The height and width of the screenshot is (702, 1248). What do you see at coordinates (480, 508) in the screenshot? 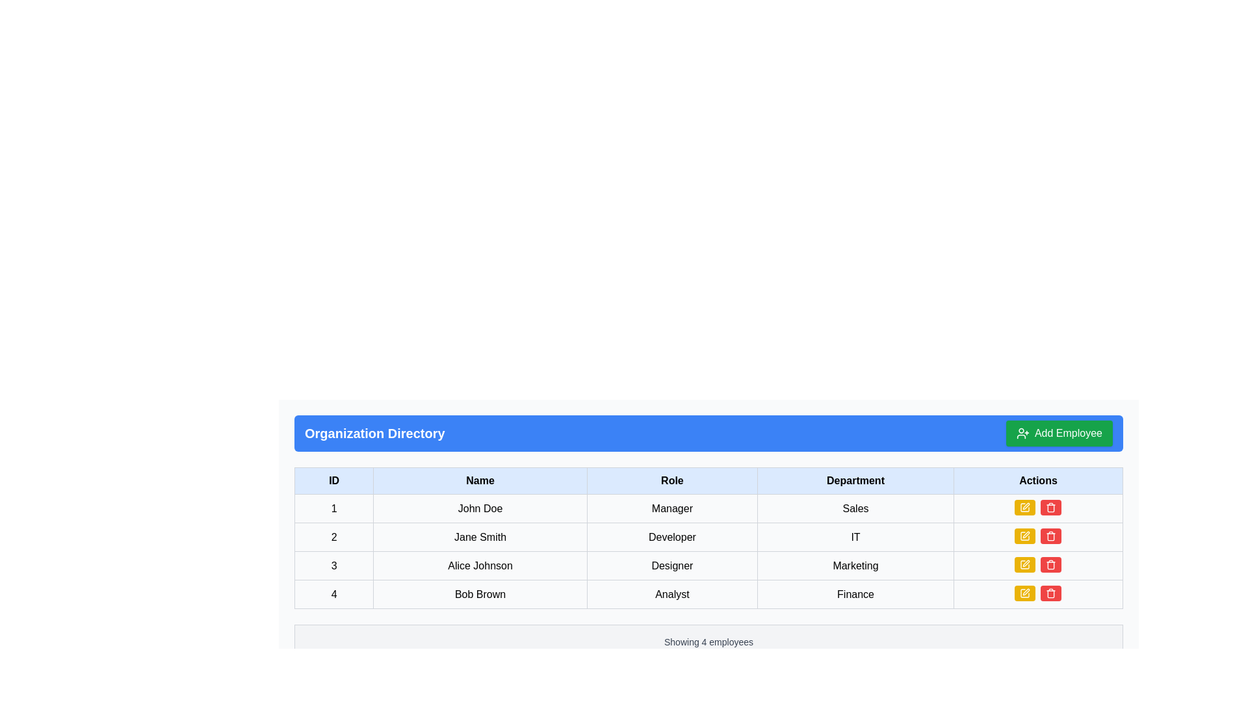
I see `the text label displaying 'John Doe', which is located in the second column of the first row under the 'Name' column` at bounding box center [480, 508].